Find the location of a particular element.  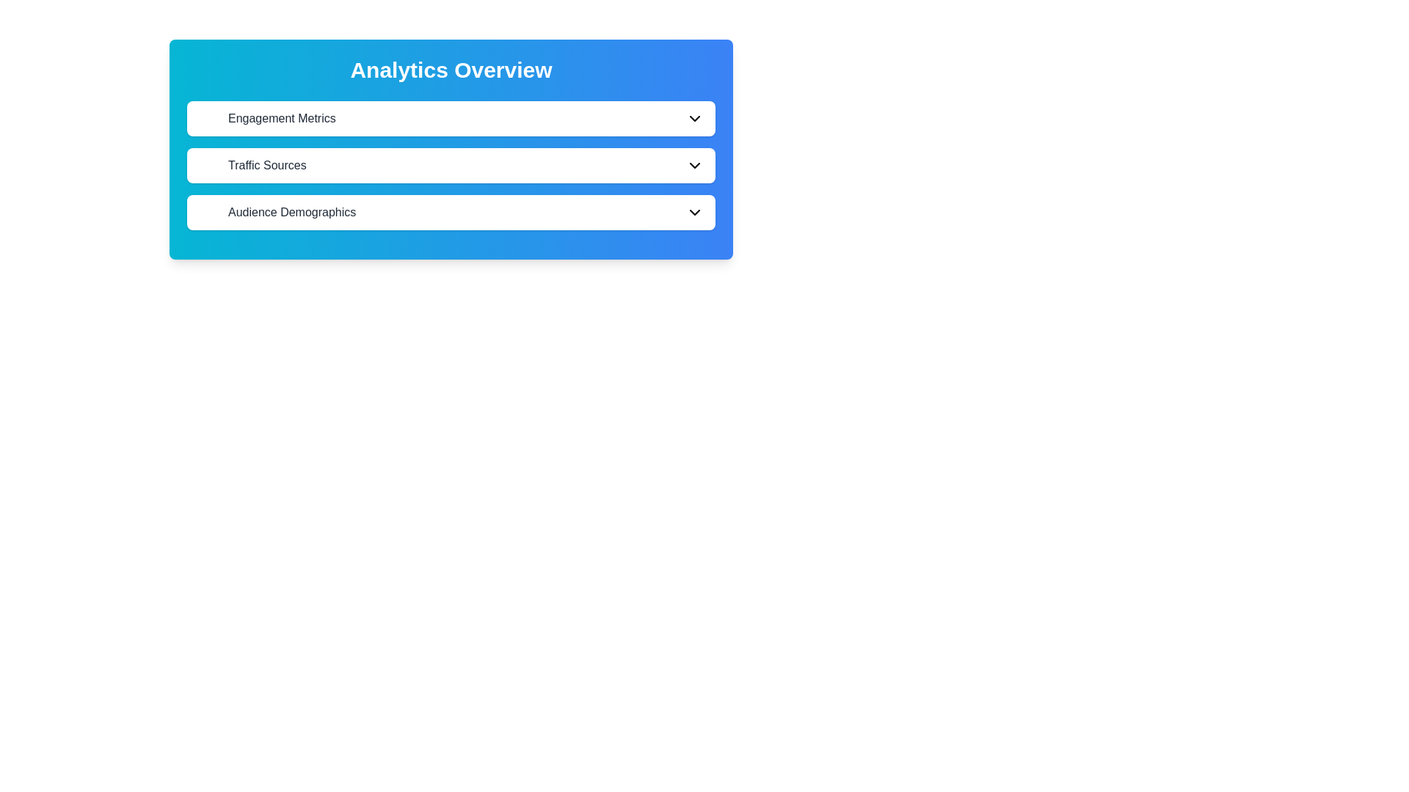

text from the 'Audience Demographics' Text Label element, which is displayed in medium-weight gray font at the bottom of the list in the 'Analytics Overview' section is located at coordinates (292, 212).